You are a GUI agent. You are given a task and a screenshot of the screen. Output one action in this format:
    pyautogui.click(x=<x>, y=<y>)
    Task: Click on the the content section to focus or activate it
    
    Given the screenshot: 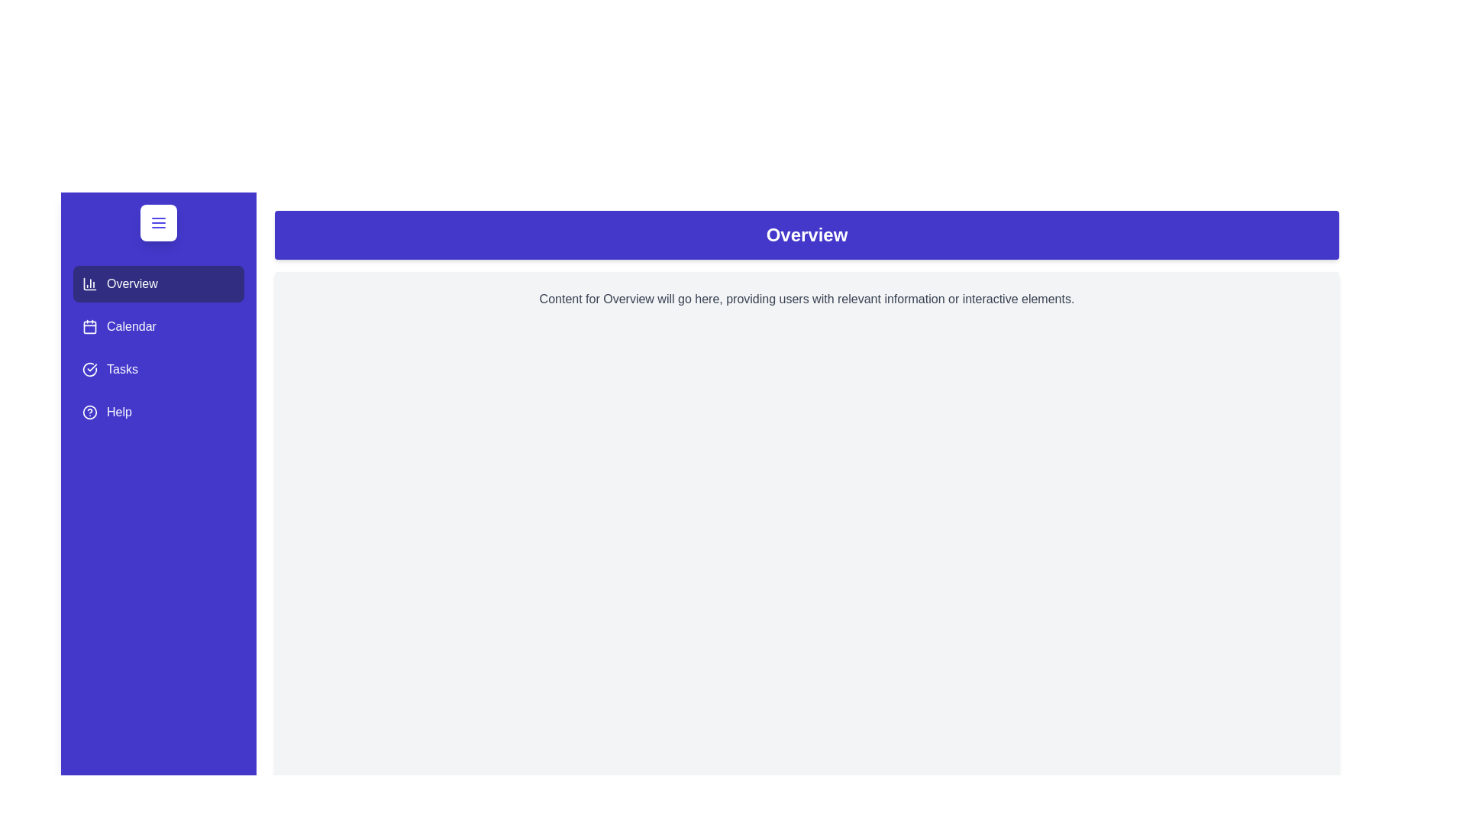 What is the action you would take?
    pyautogui.click(x=806, y=636)
    